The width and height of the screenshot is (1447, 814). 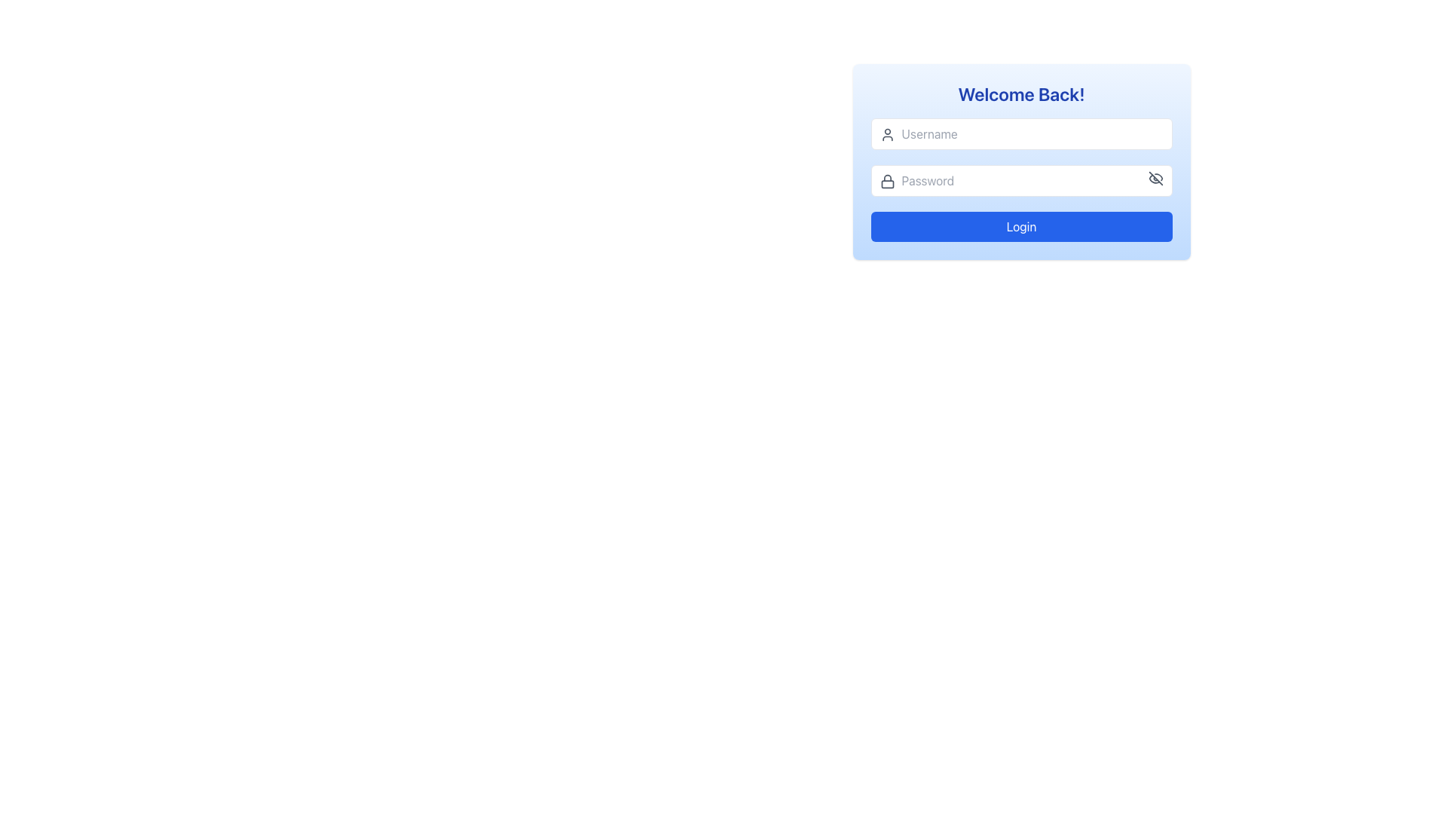 I want to click on the visibility toggle button with an eye icon and a diagonal line, so click(x=1155, y=177).